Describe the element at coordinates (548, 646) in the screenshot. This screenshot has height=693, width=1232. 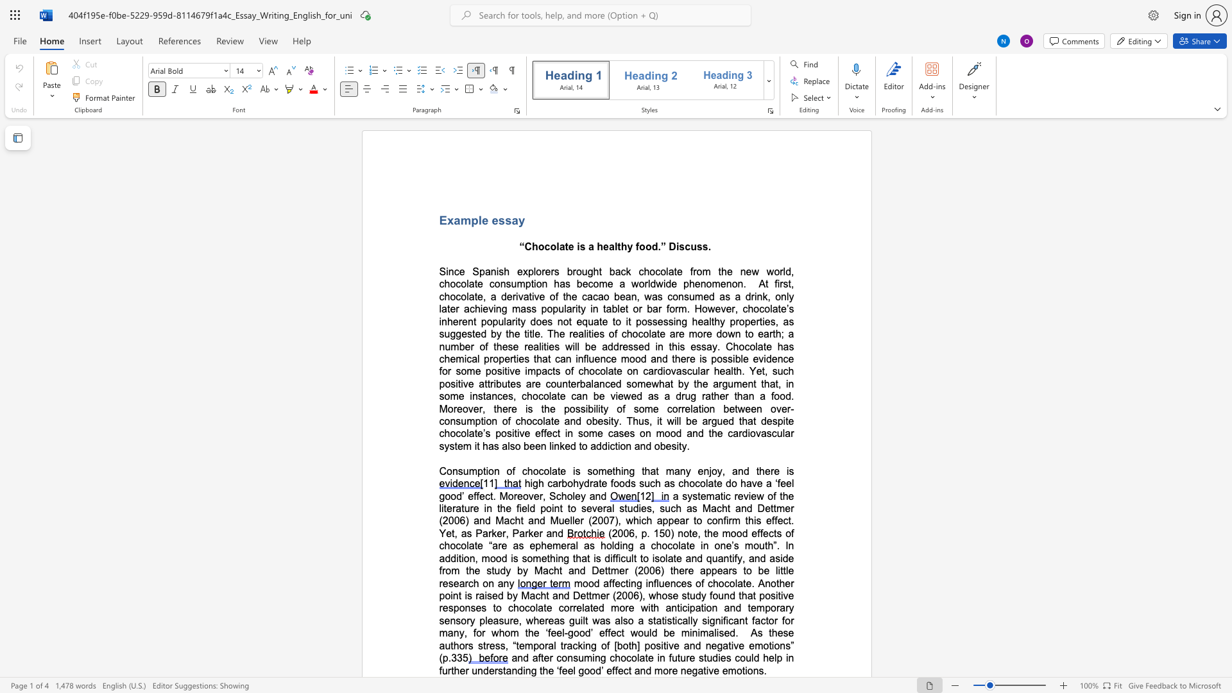
I see `the subset text "al trac" within the text "As these authors stress, “temporal tracking of [both] positive and negative emotions” (p.335"` at that location.